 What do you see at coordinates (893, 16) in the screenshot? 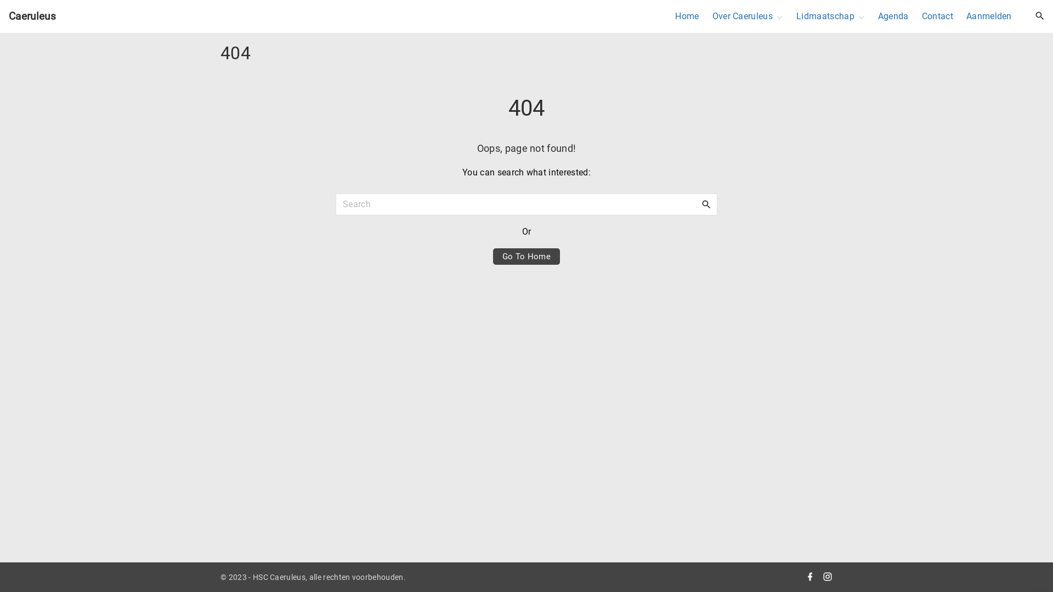
I see `'Agenda'` at bounding box center [893, 16].